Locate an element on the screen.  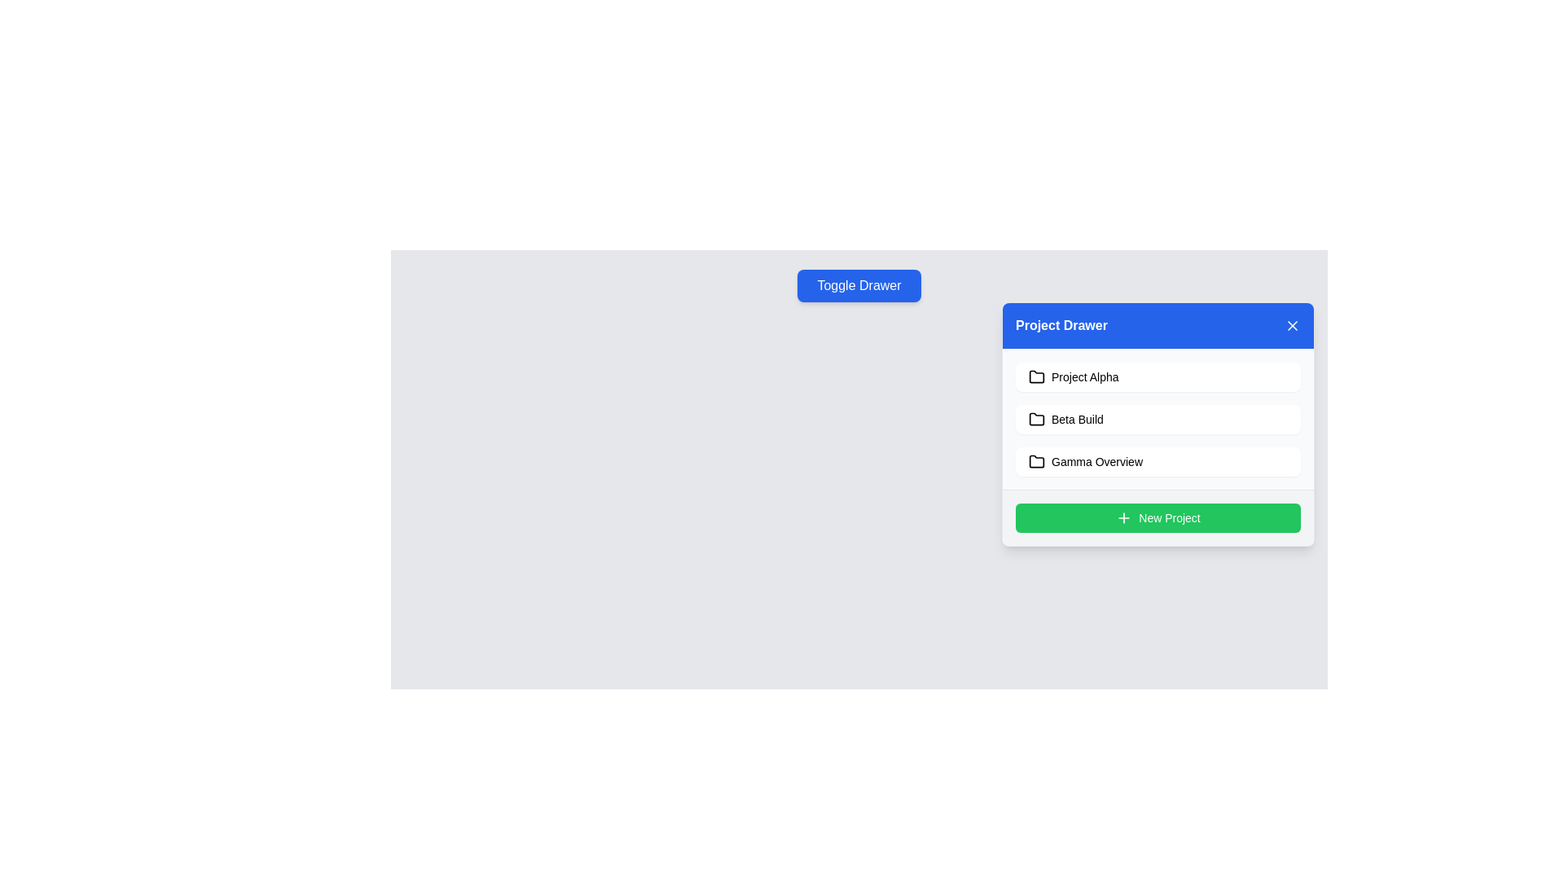
the folder icon located to the left of the text 'Gamma Overview' within the third item of a vertical list in the drawer interface is located at coordinates (1035, 462).